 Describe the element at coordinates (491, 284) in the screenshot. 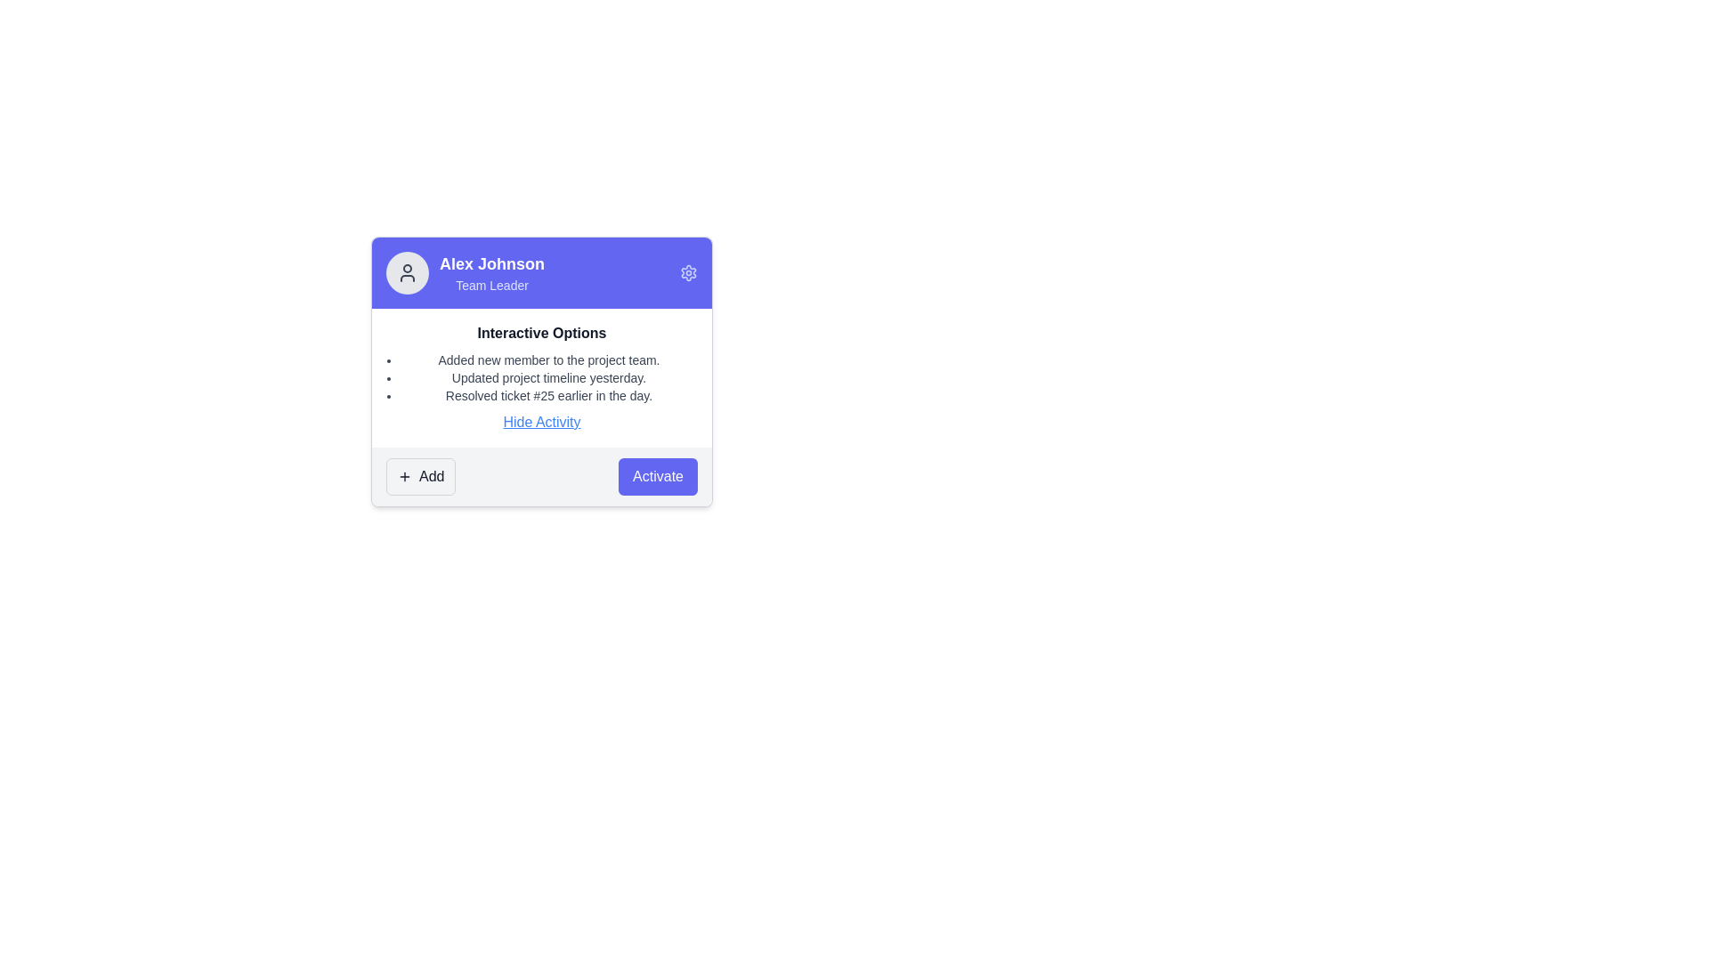

I see `text label displaying 'Team Leader' that is located directly below the name 'Alex Johnson' in the header layout of the card` at that location.